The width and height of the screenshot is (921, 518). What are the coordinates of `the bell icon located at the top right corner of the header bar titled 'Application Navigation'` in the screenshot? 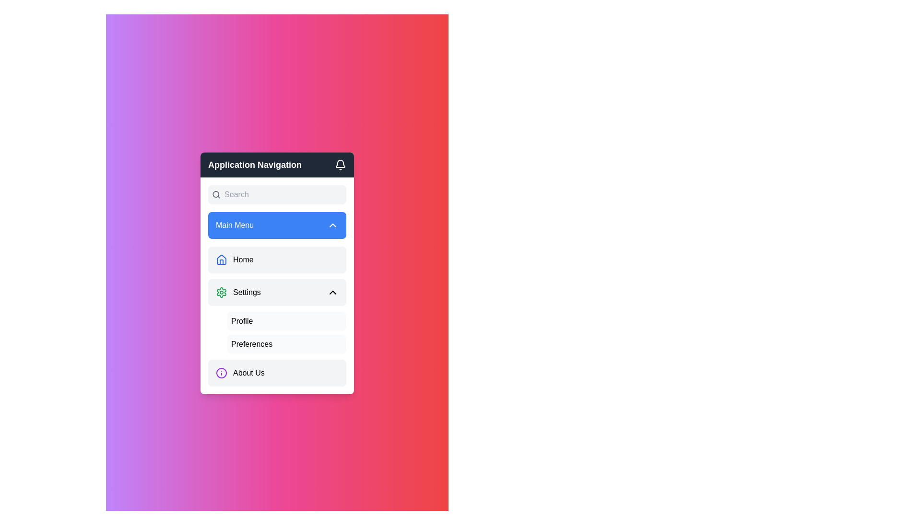 It's located at (341, 164).